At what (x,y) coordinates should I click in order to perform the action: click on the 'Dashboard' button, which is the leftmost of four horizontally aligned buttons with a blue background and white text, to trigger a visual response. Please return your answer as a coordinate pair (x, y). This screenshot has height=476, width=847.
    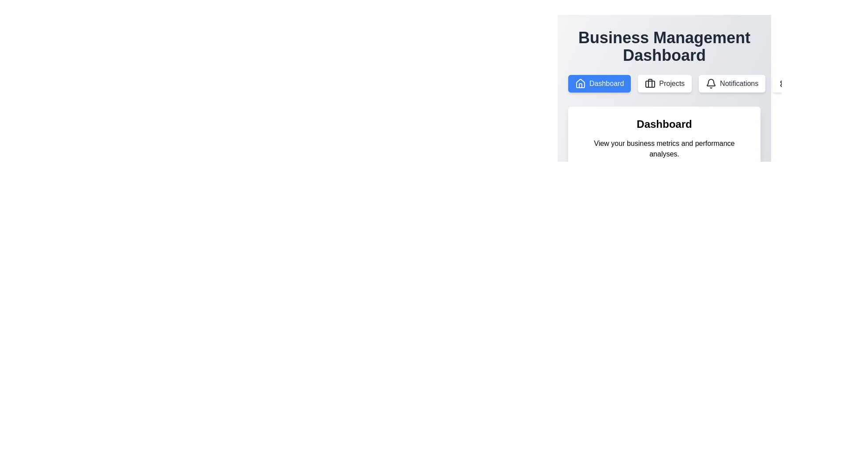
    Looking at the image, I should click on (600, 83).